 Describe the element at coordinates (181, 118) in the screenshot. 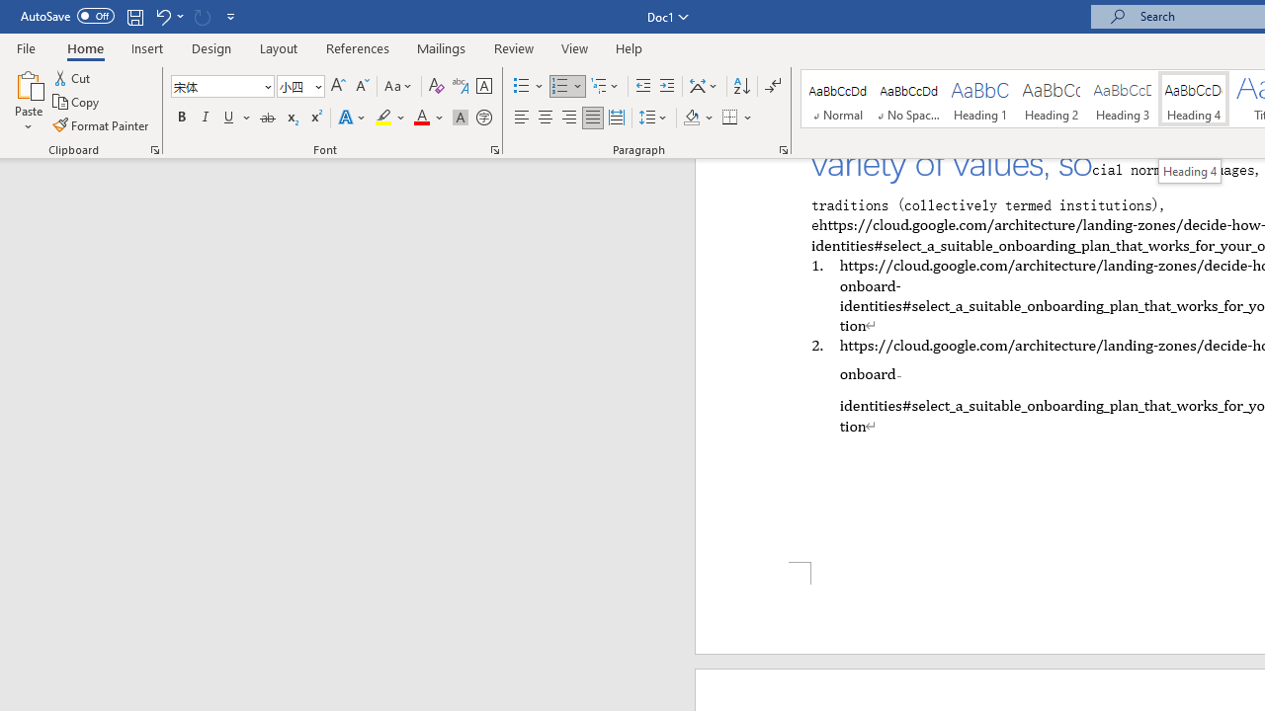

I see `'Bold'` at that location.